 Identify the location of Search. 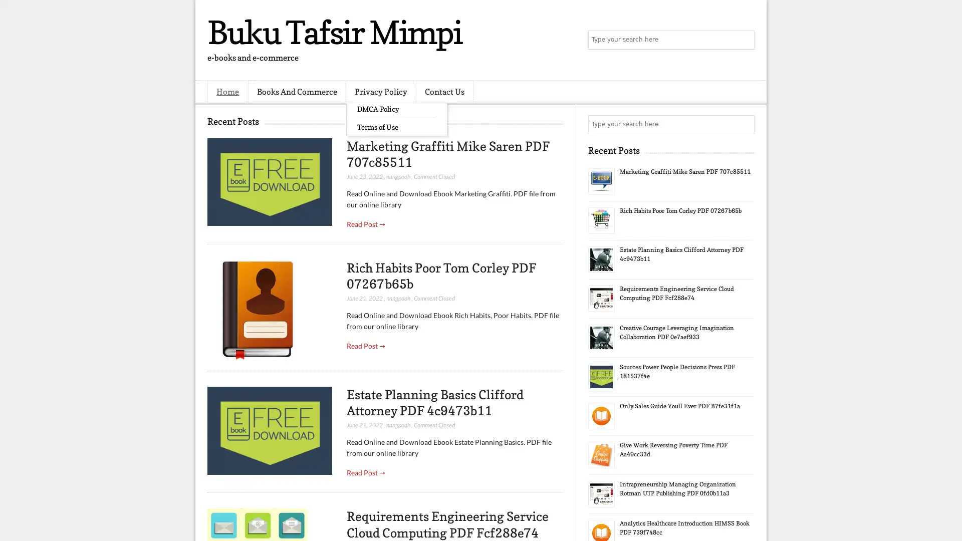
(744, 124).